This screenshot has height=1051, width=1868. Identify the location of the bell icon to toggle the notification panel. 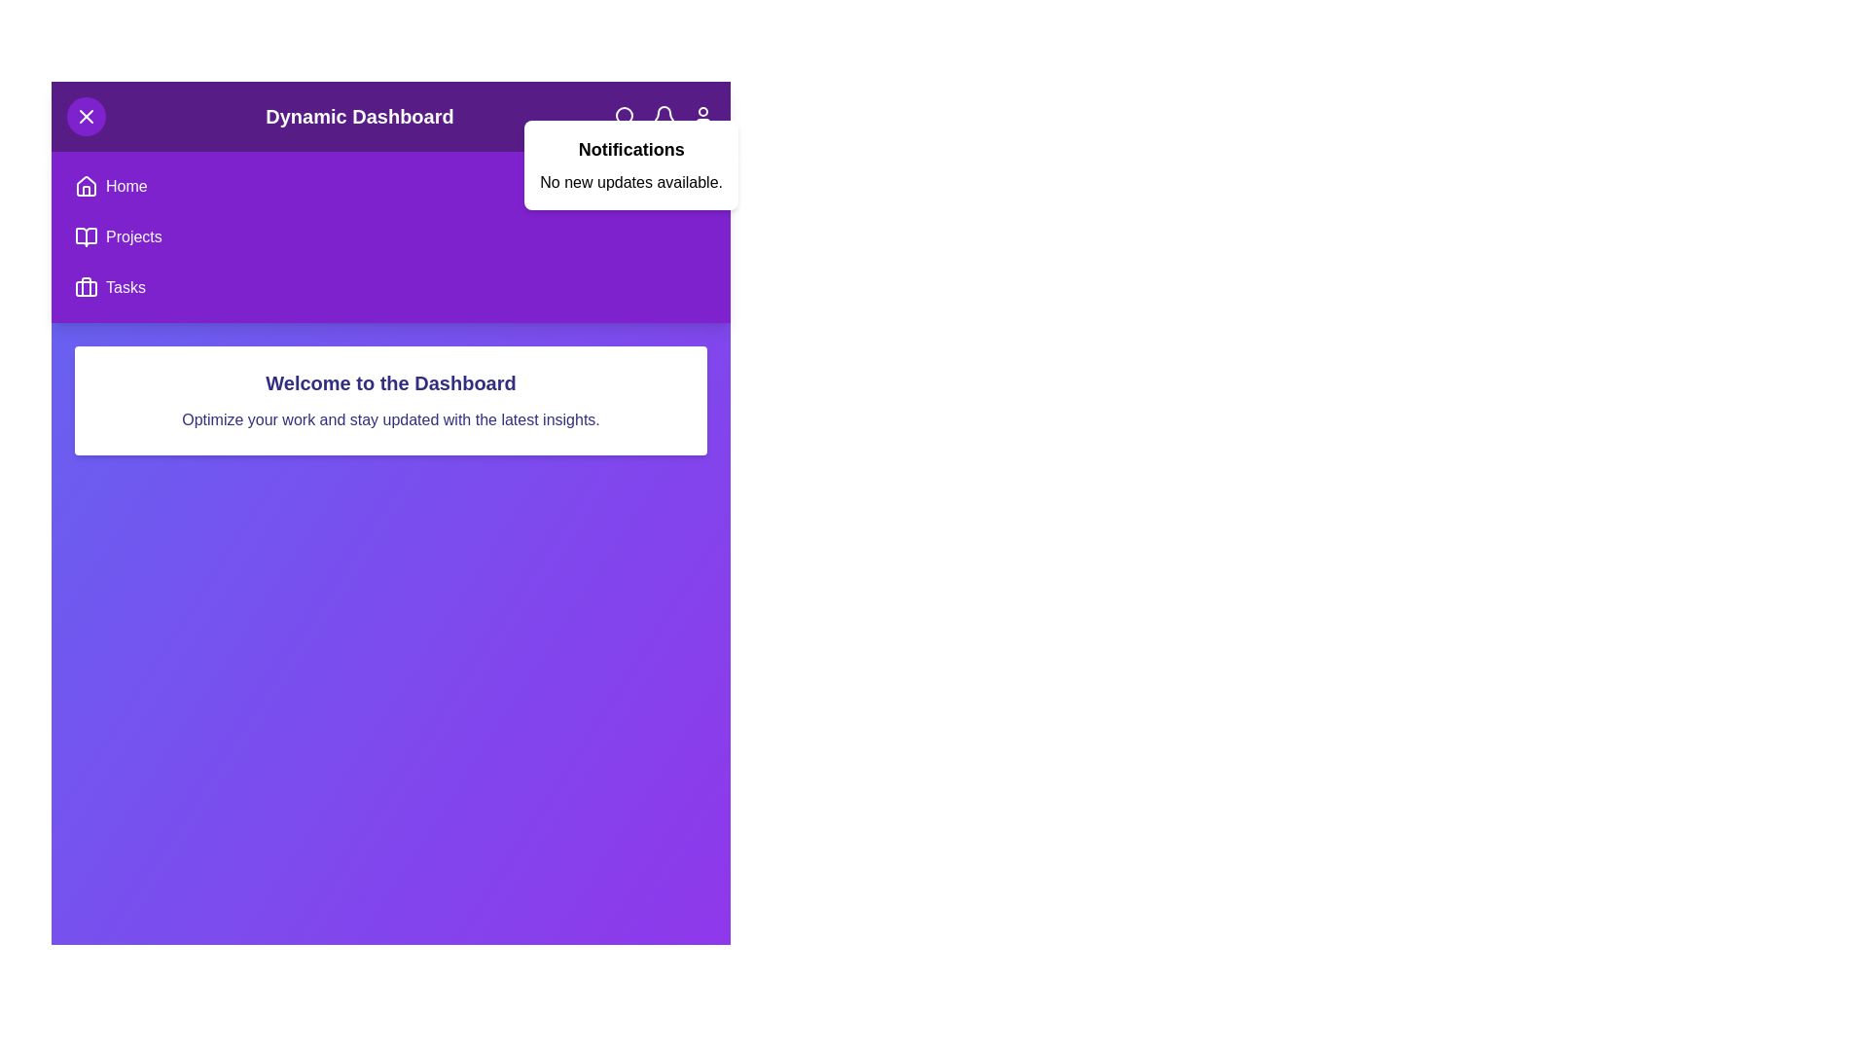
(664, 116).